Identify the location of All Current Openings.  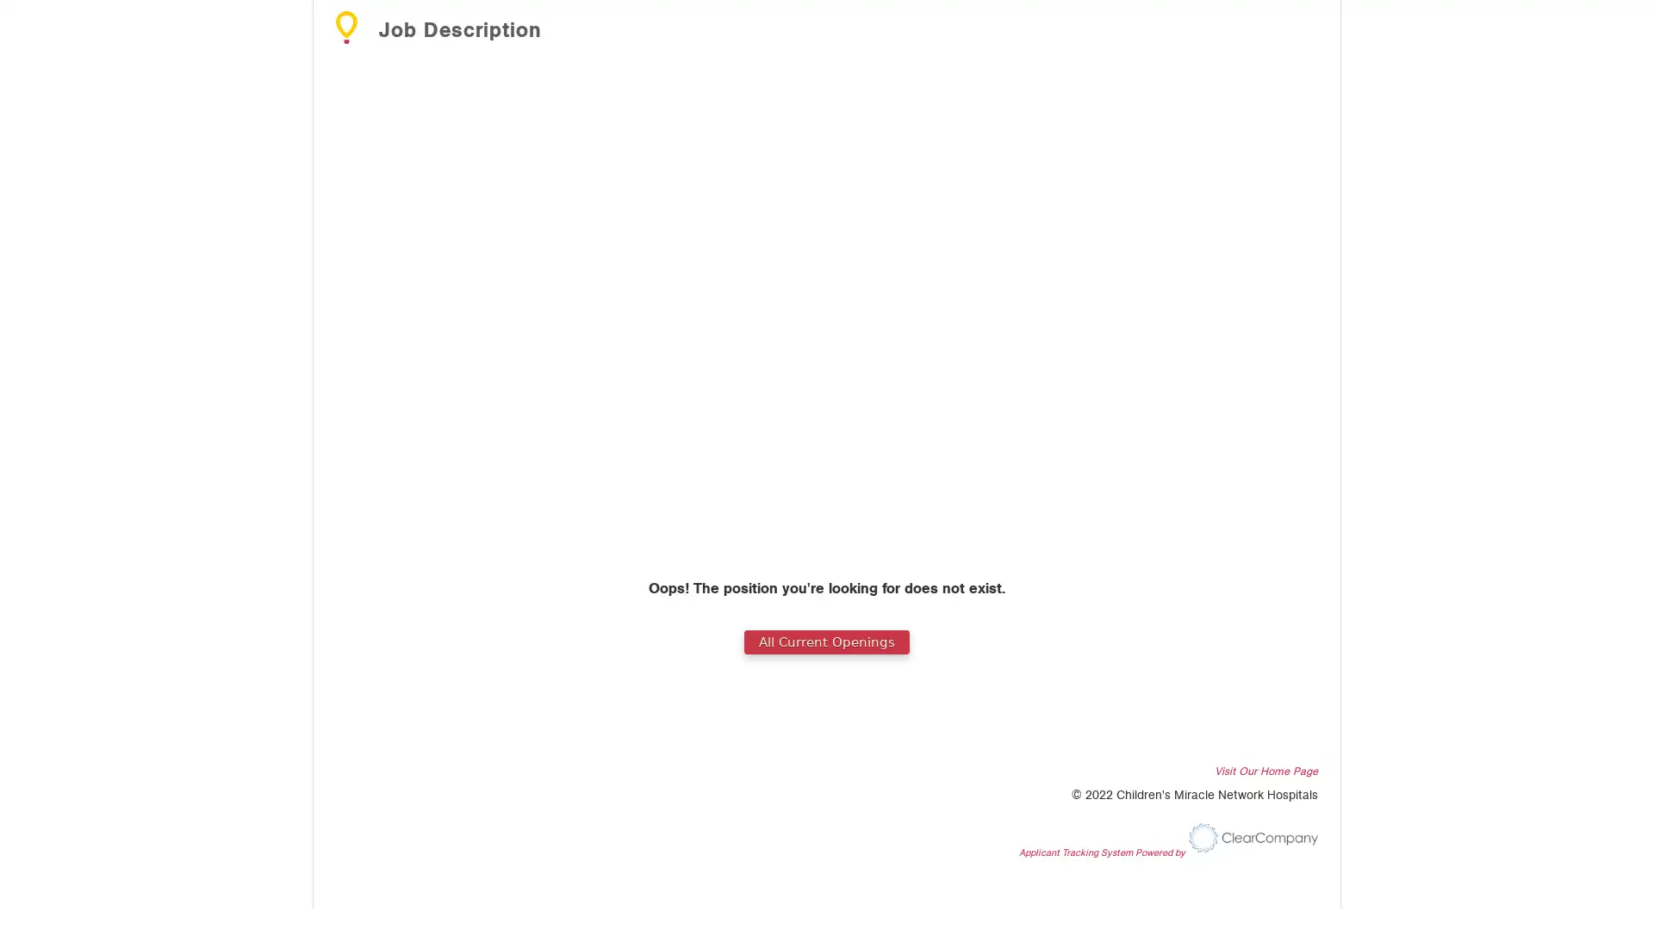
(827, 641).